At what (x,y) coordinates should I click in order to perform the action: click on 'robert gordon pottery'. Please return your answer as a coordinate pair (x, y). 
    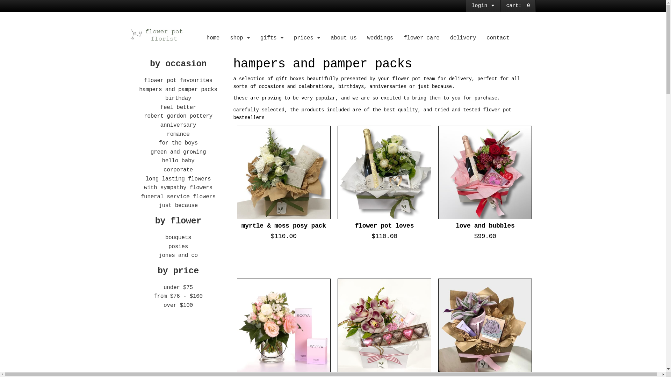
    Looking at the image, I should click on (178, 116).